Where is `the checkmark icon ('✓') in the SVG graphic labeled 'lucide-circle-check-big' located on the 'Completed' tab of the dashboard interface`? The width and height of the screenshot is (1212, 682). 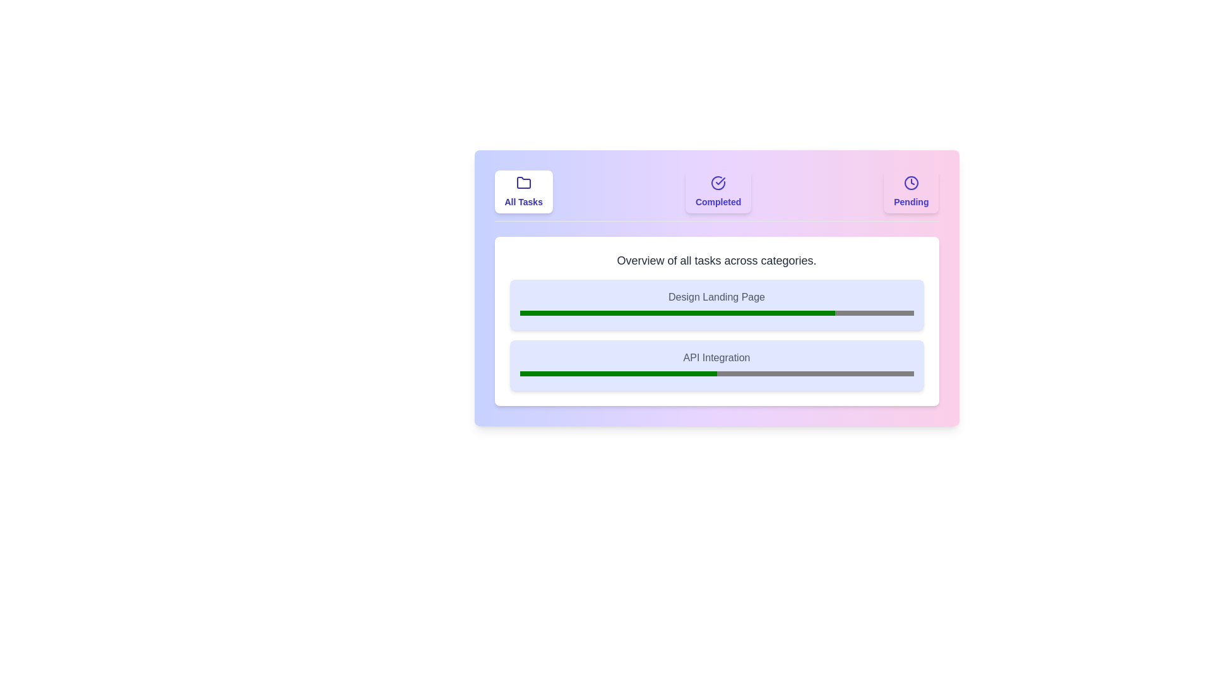
the checkmark icon ('✓') in the SVG graphic labeled 'lucide-circle-check-big' located on the 'Completed' tab of the dashboard interface is located at coordinates (720, 181).